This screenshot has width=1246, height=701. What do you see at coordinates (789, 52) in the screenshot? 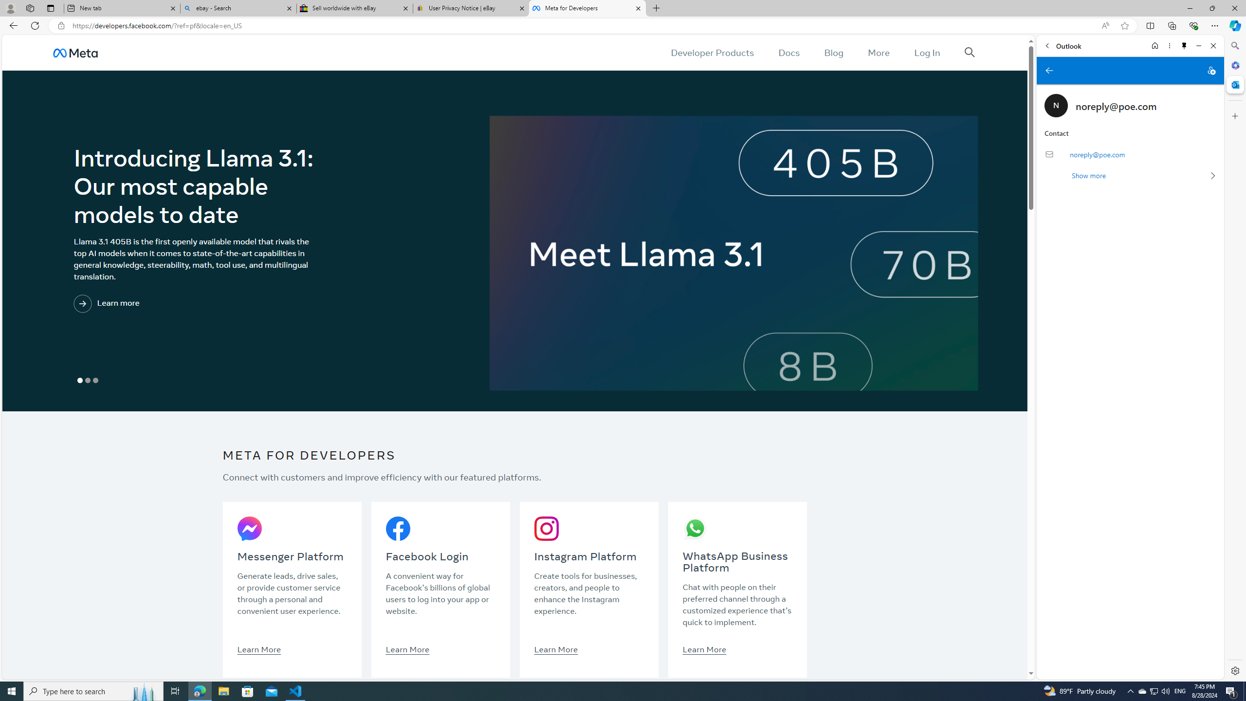
I see `'Docs'` at bounding box center [789, 52].